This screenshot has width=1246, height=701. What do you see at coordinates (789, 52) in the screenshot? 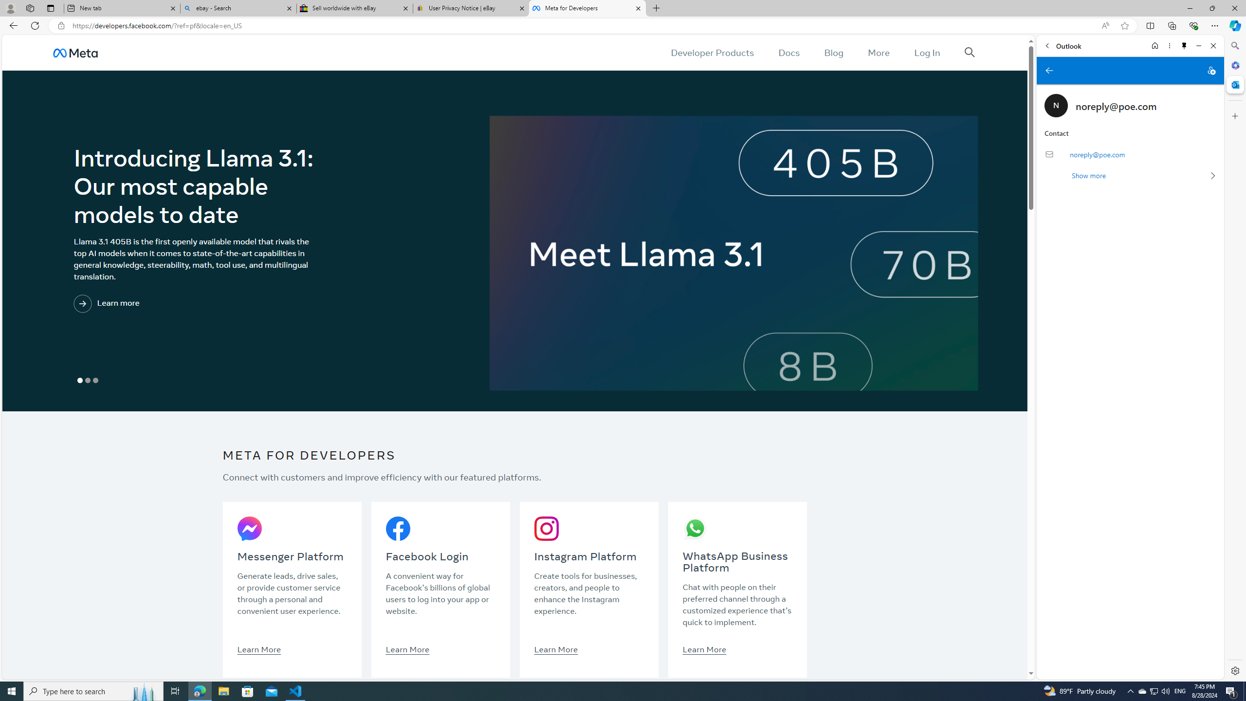
I see `'Docs'` at bounding box center [789, 52].